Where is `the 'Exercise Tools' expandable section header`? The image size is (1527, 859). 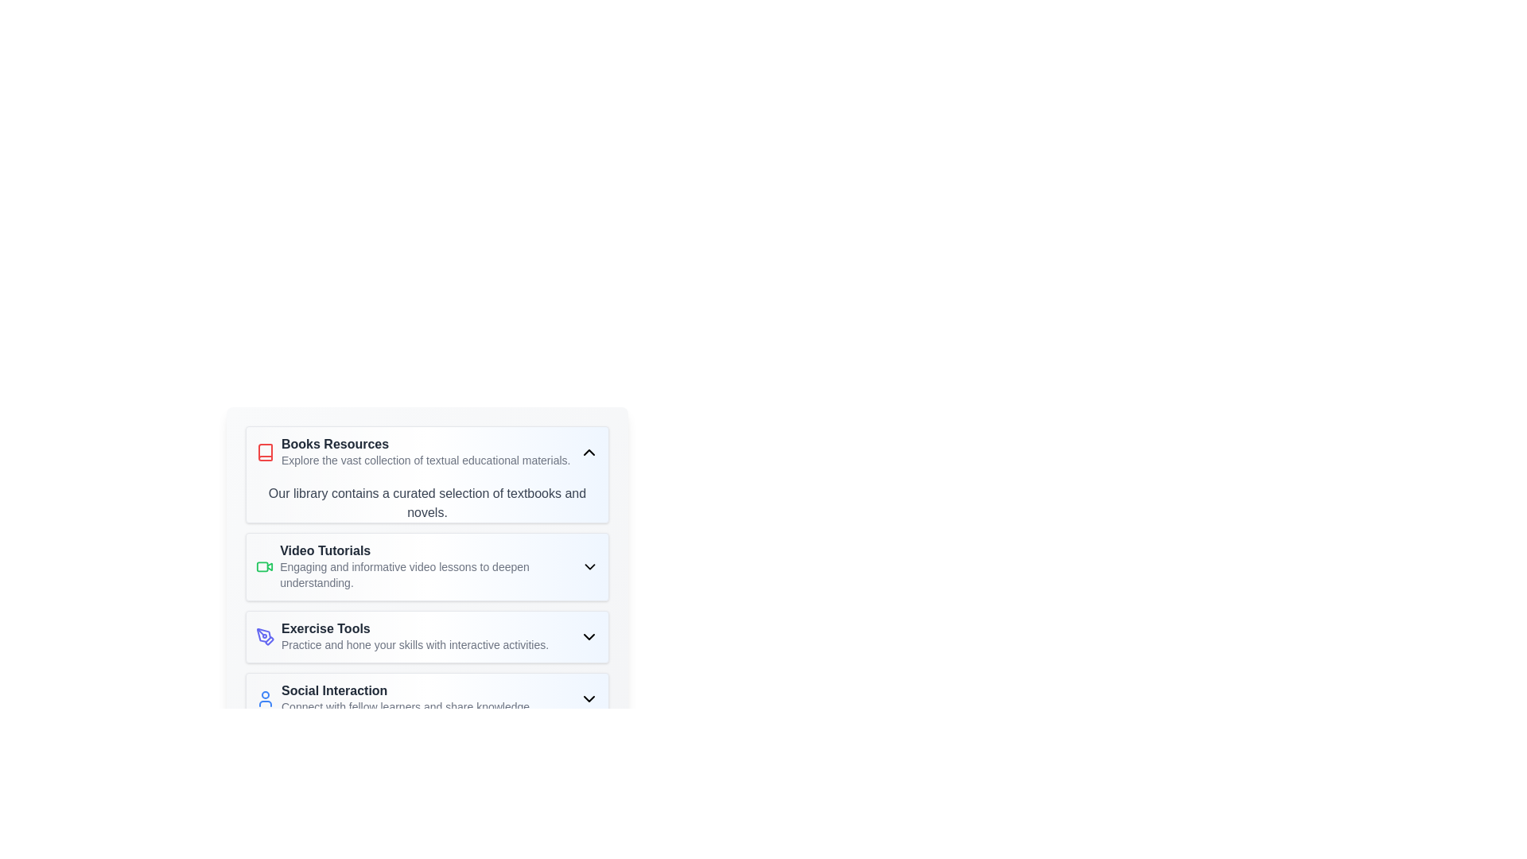
the 'Exercise Tools' expandable section header is located at coordinates (427, 636).